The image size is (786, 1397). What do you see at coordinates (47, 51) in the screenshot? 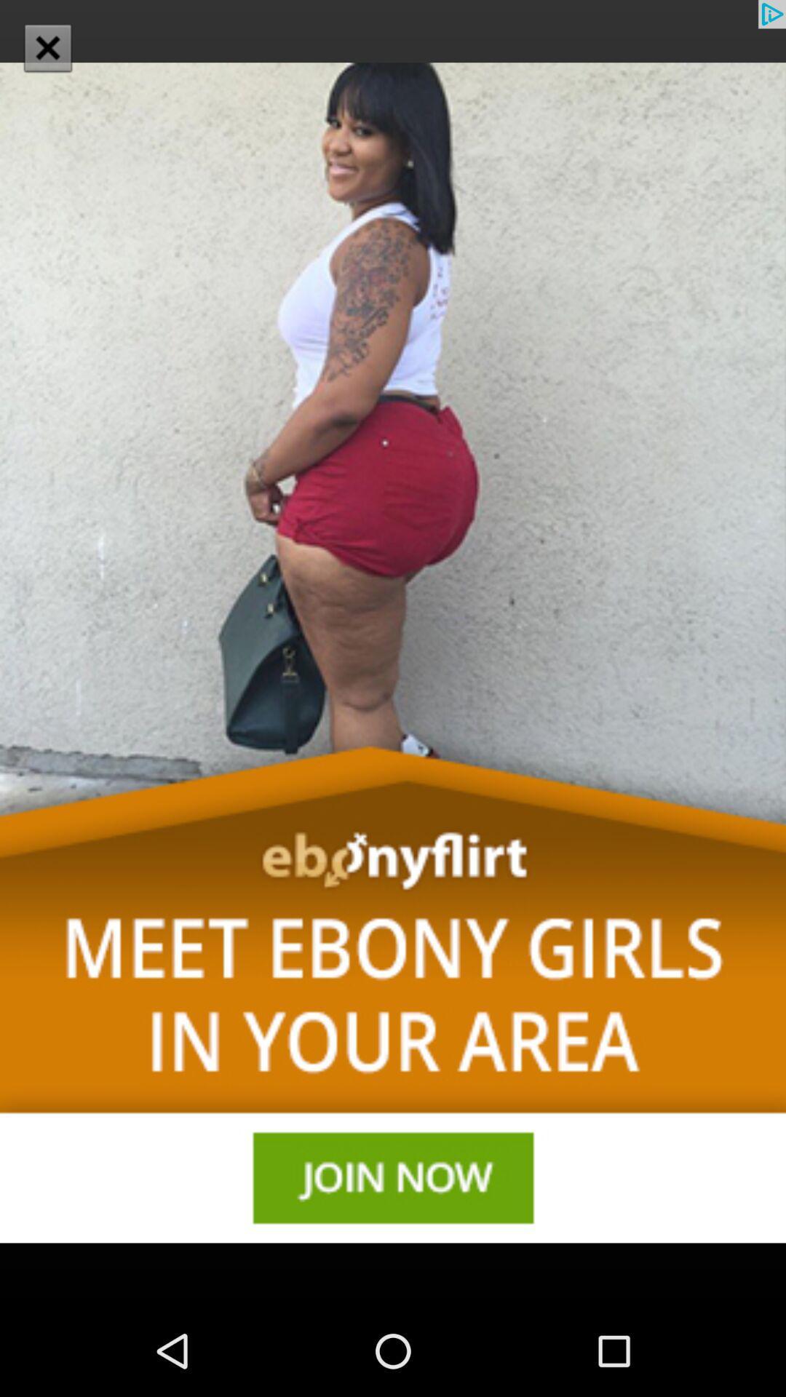
I see `the close icon` at bounding box center [47, 51].